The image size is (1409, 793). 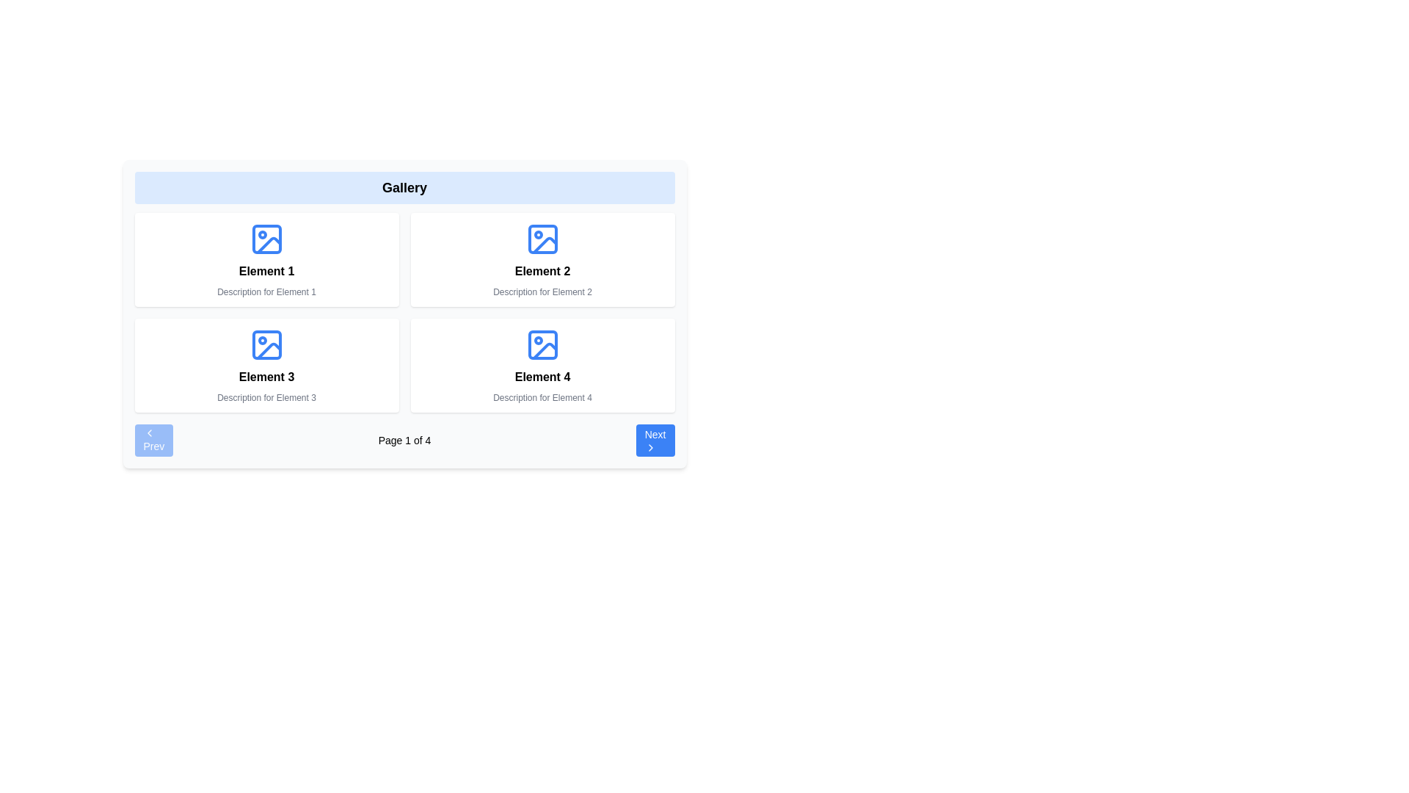 I want to click on the selectable card representing 'Element 3', located in the bottom-left corner of a 2x2 grid structure, directly below 'Element 1', so click(x=266, y=364).